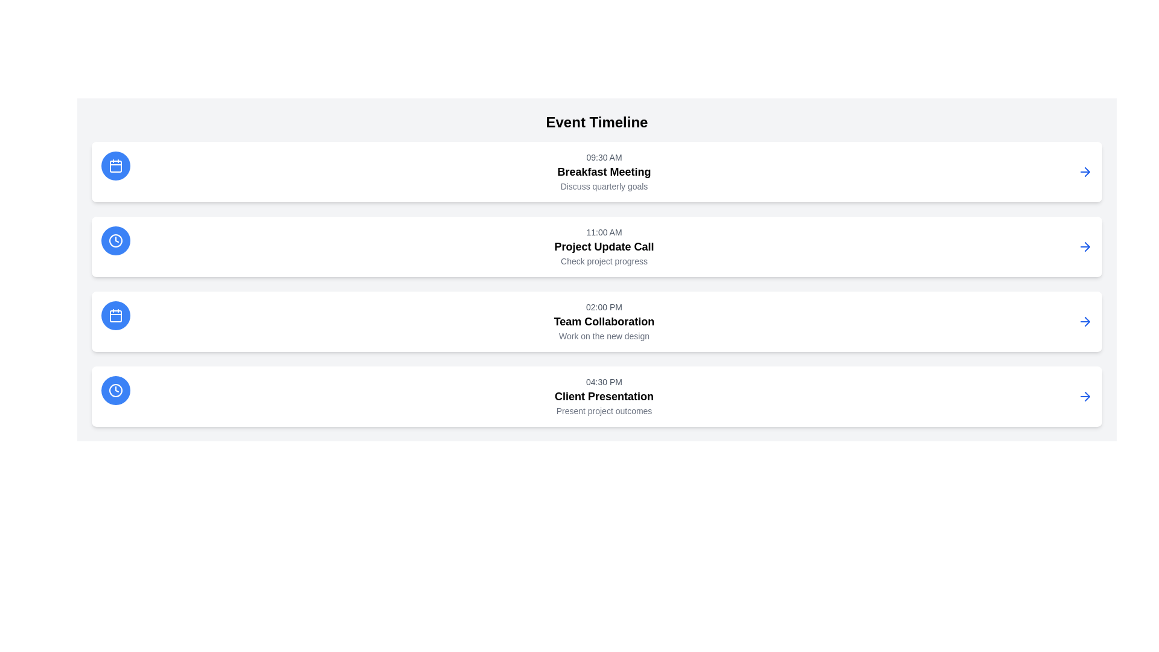  I want to click on the text label displaying '11:00 AM', which is styled in light gray and positioned above 'Project Update Call' and 'Check project progress', so click(604, 232).